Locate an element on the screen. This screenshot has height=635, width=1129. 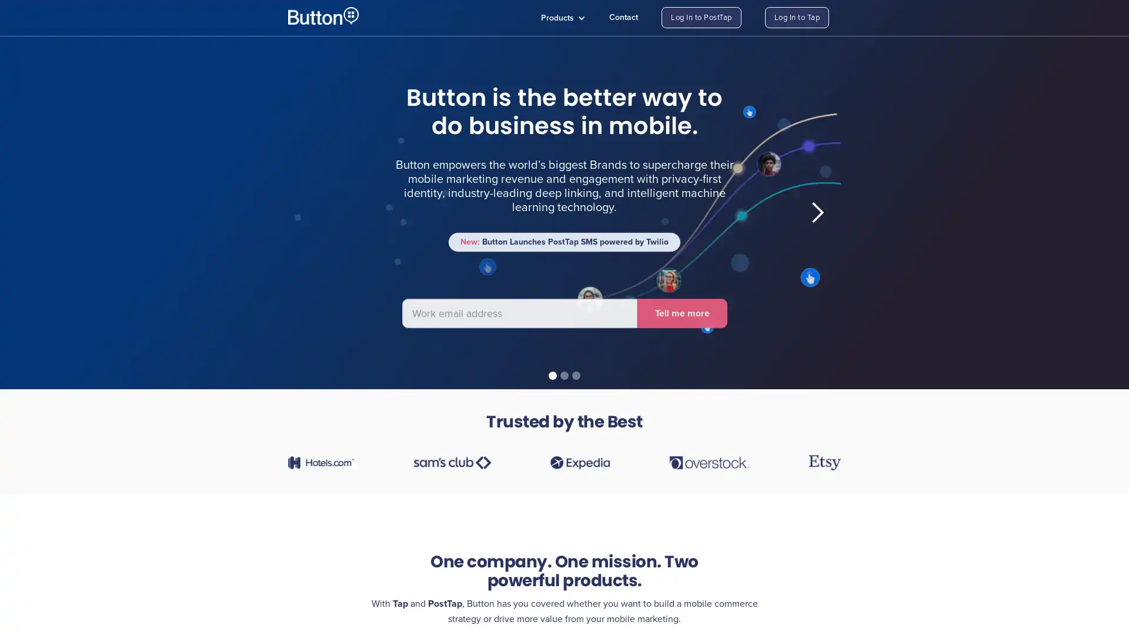
Show slide 3 of 3 is located at coordinates (576, 376).